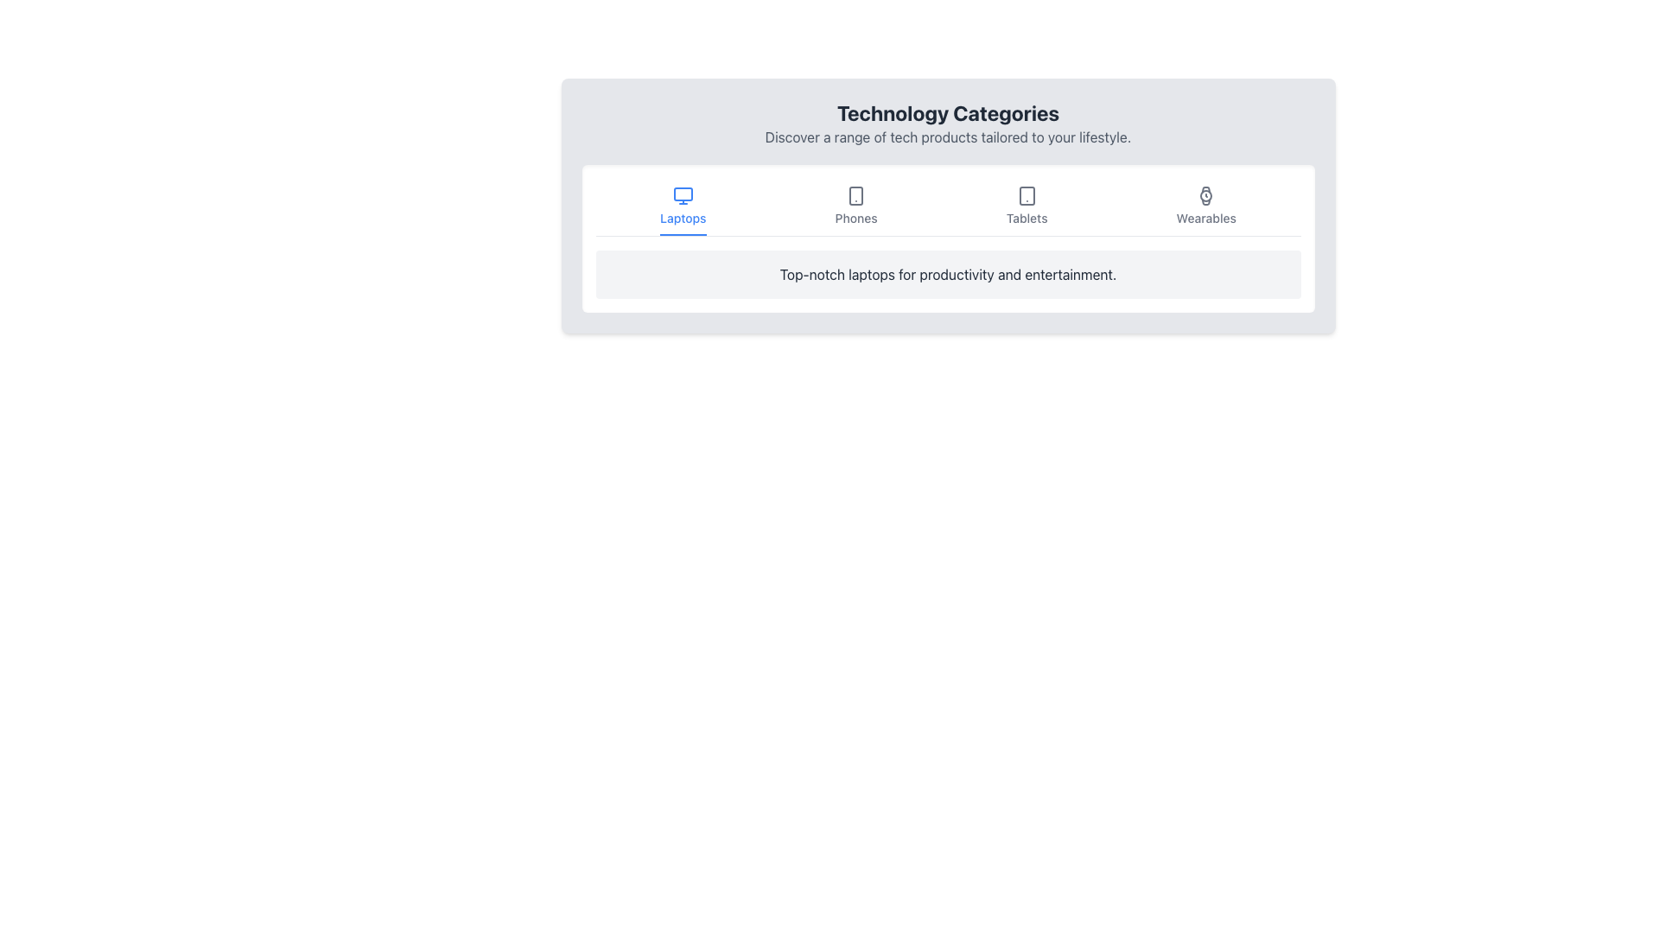 The image size is (1659, 933). What do you see at coordinates (1205, 195) in the screenshot?
I see `the SVG graphical element representing the 'Wearables' category in the navigation menu` at bounding box center [1205, 195].